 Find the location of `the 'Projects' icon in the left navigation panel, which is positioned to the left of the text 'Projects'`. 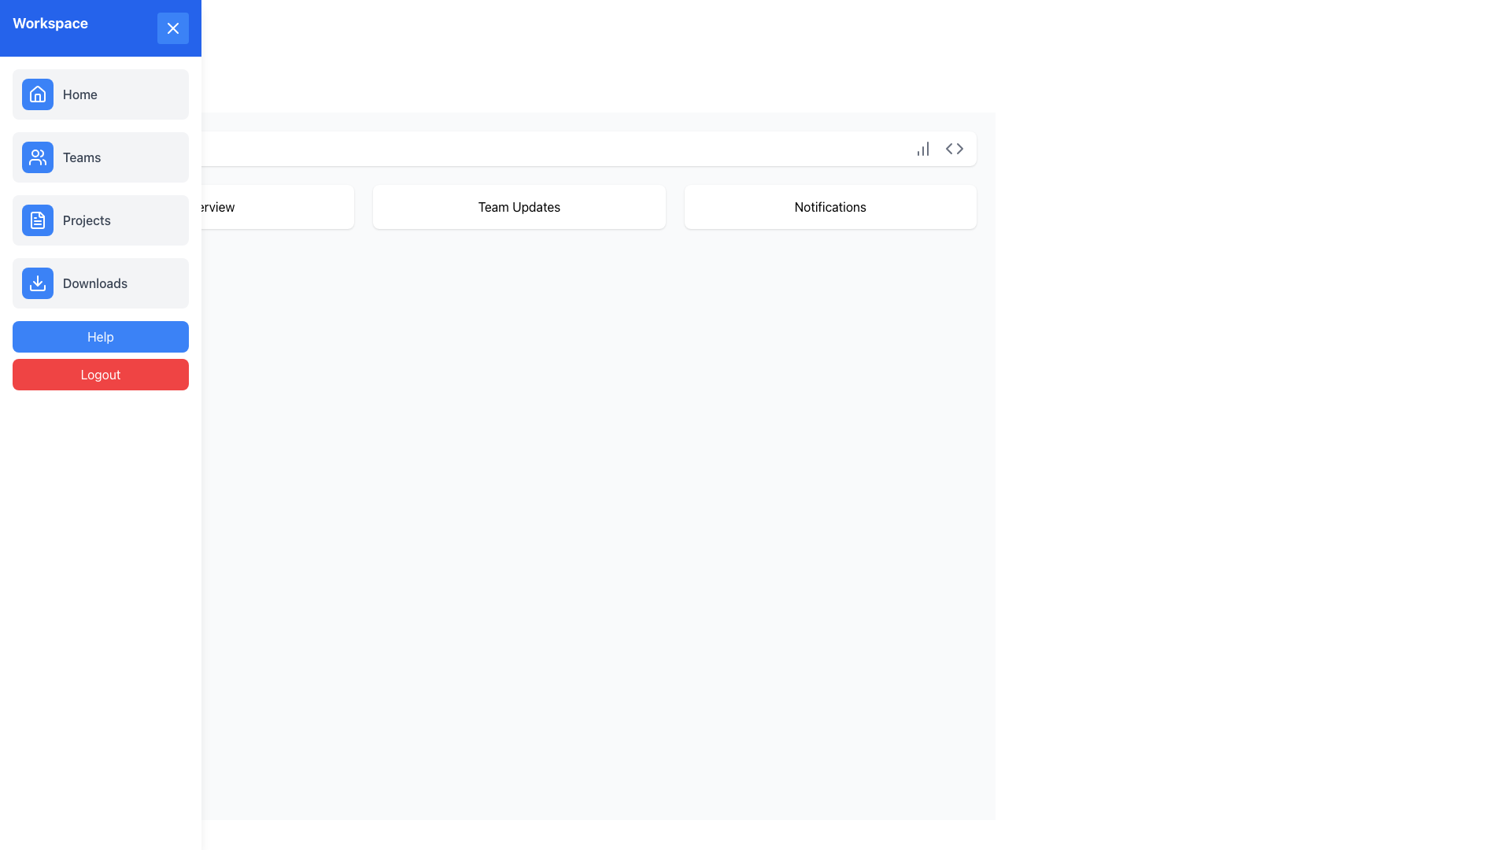

the 'Projects' icon in the left navigation panel, which is positioned to the left of the text 'Projects' is located at coordinates (38, 220).